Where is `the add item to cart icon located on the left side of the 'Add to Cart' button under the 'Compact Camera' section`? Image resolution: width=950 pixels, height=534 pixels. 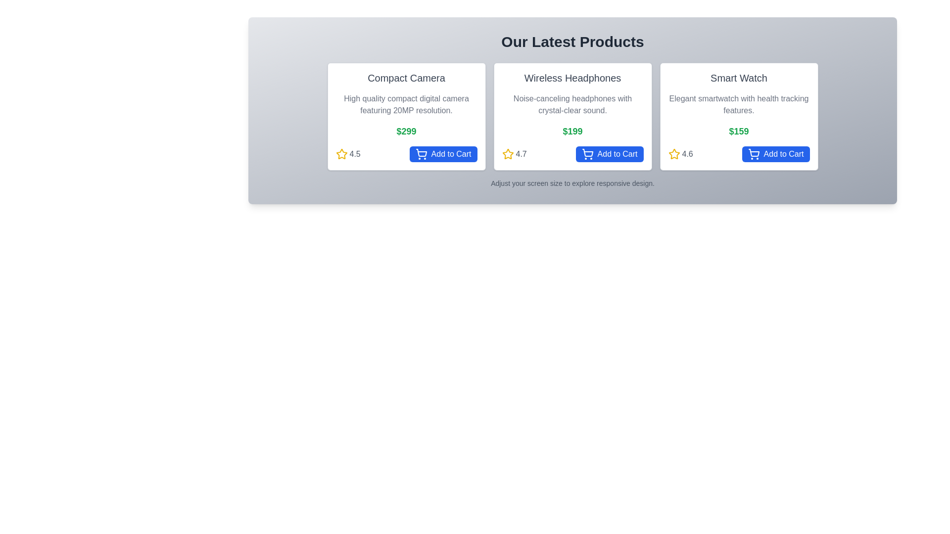 the add item to cart icon located on the left side of the 'Add to Cart' button under the 'Compact Camera' section is located at coordinates (421, 154).